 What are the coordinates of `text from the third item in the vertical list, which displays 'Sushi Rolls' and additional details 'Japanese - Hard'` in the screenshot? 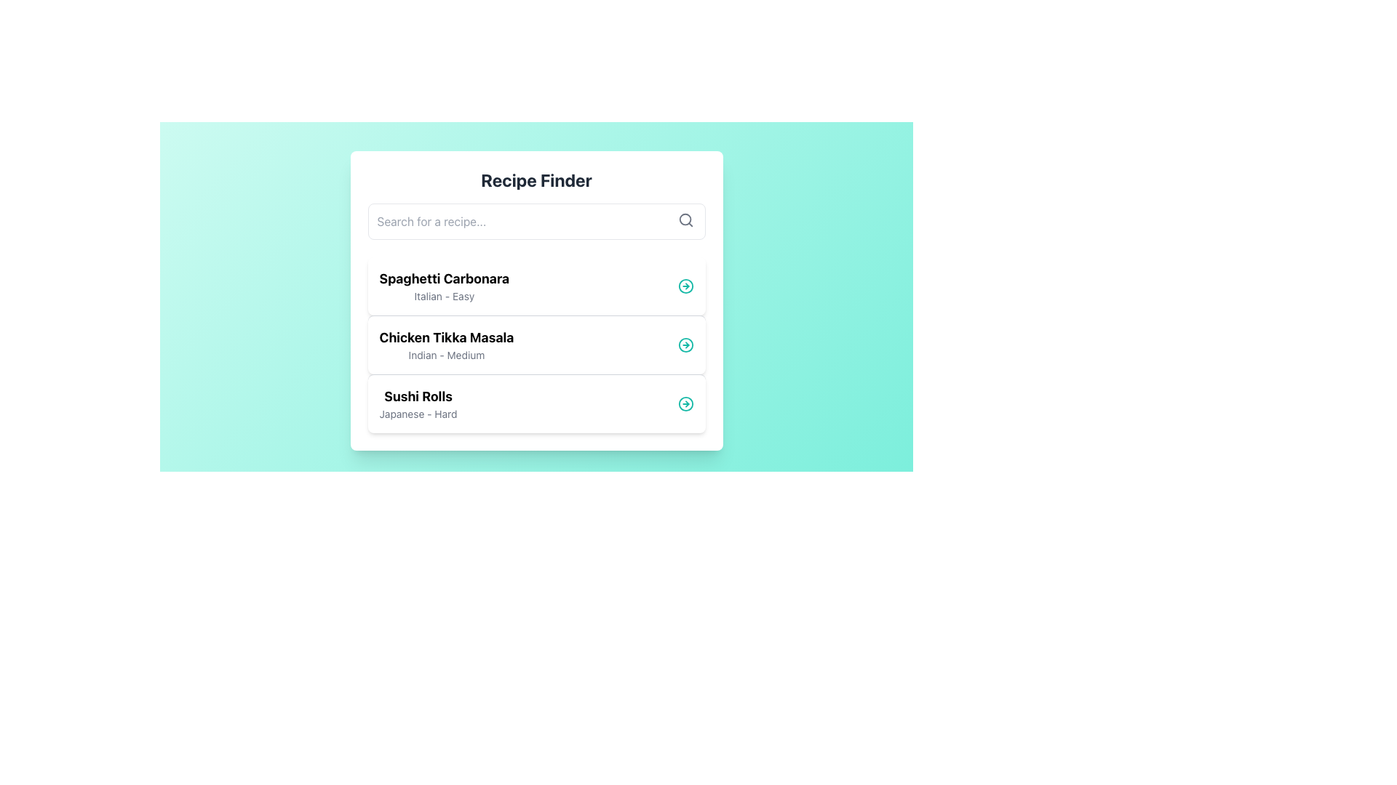 It's located at (418, 403).